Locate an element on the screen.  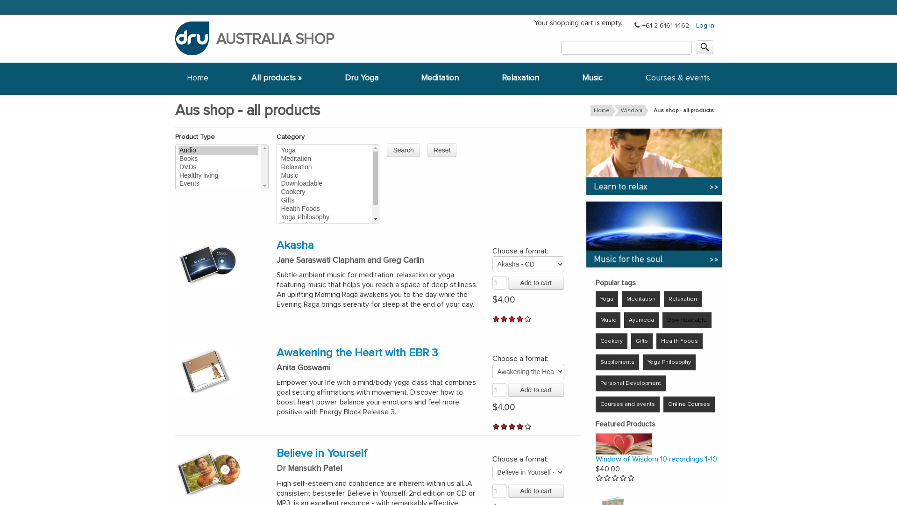
'Give Akasha 3/5' is located at coordinates (508, 318).